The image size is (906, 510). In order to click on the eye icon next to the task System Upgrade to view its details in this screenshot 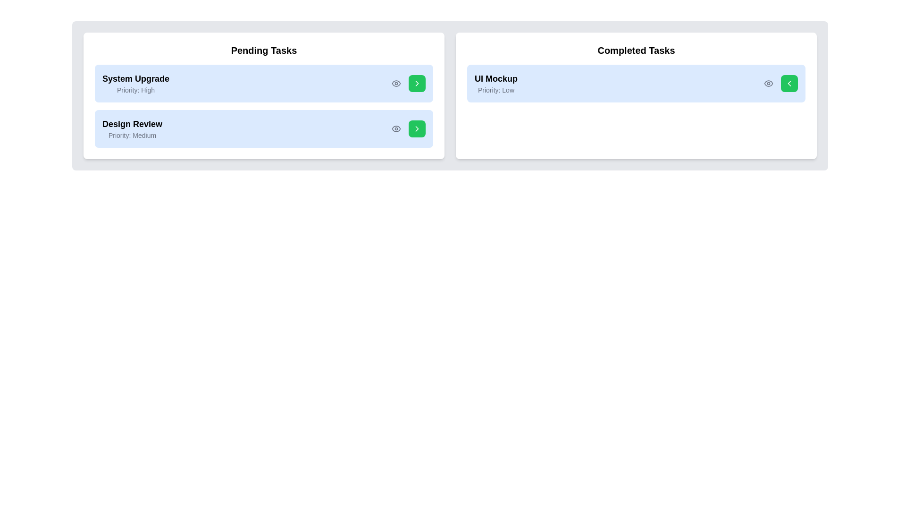, I will do `click(396, 83)`.